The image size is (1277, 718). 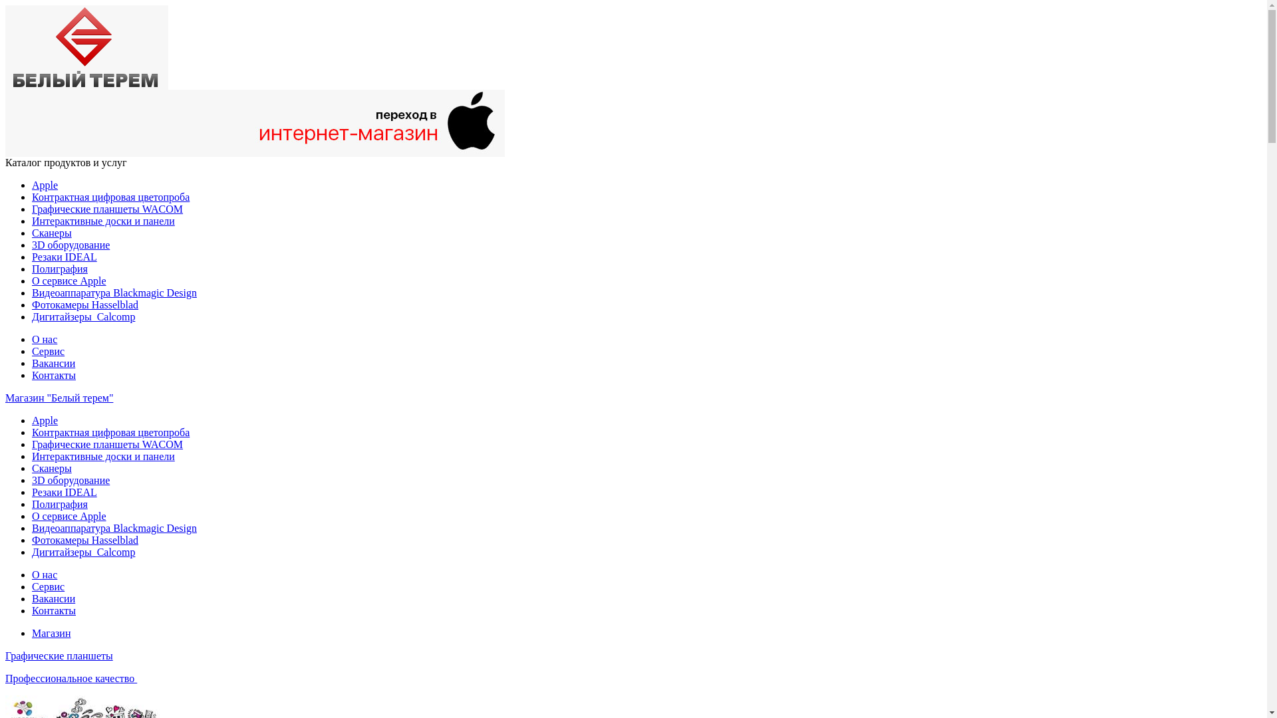 What do you see at coordinates (45, 185) in the screenshot?
I see `'Apple'` at bounding box center [45, 185].